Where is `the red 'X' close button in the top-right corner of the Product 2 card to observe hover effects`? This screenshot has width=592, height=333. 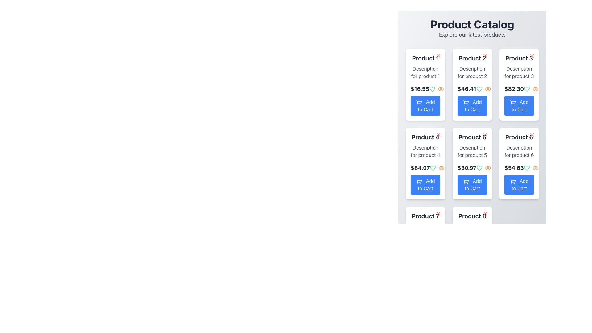
the red 'X' close button in the top-right corner of the Product 2 card to observe hover effects is located at coordinates (485, 56).